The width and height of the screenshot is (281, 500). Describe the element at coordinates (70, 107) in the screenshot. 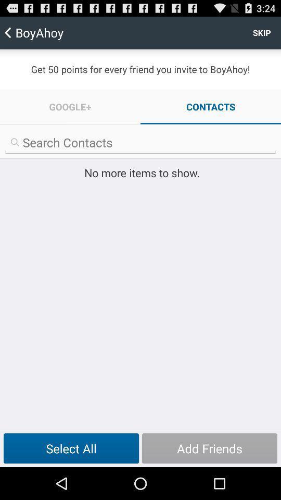

I see `icon to the left of contacts` at that location.